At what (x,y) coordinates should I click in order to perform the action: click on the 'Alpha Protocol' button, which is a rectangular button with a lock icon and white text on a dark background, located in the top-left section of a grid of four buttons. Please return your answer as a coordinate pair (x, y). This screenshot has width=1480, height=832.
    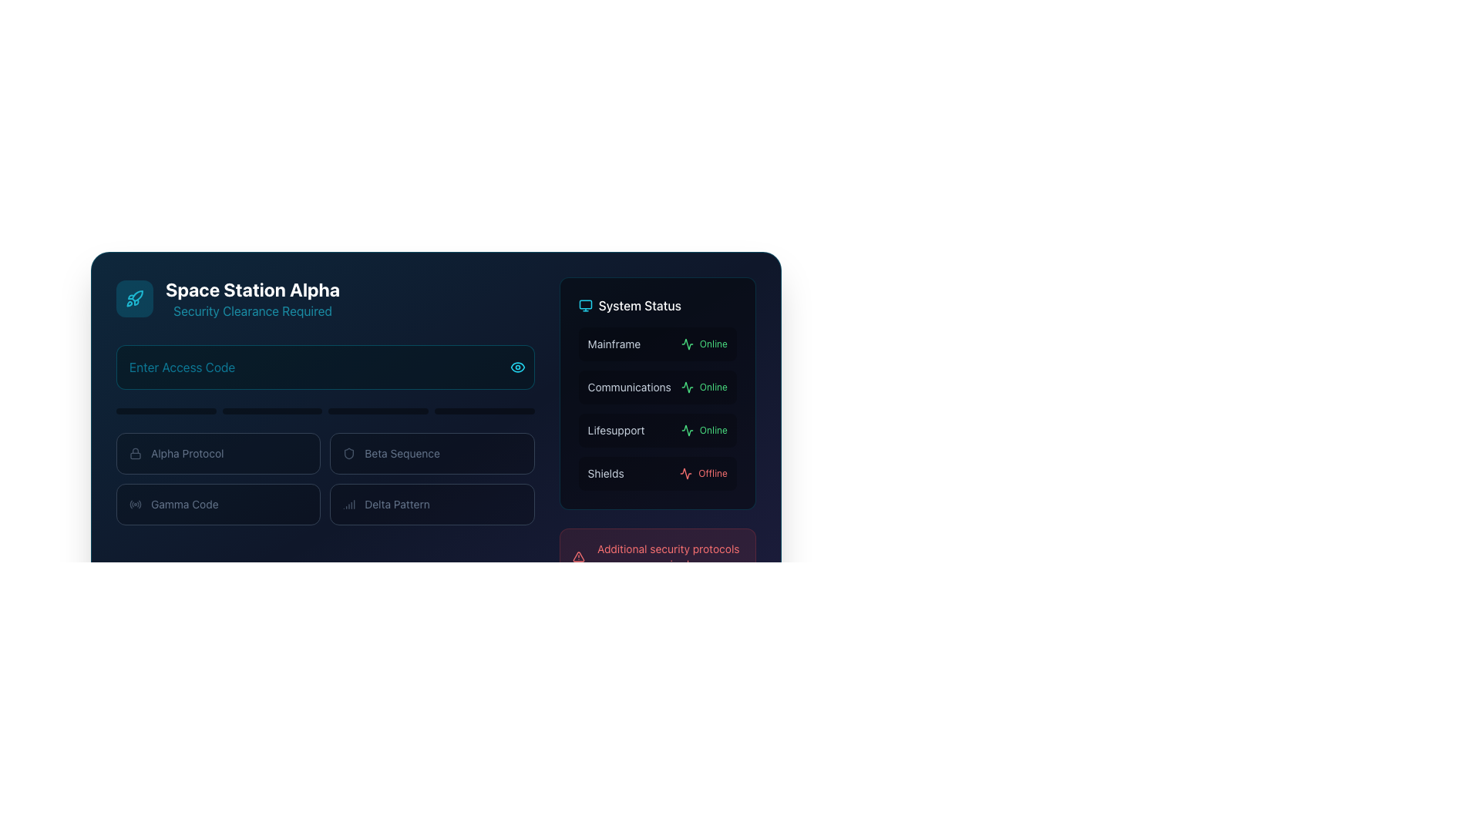
    Looking at the image, I should click on (217, 453).